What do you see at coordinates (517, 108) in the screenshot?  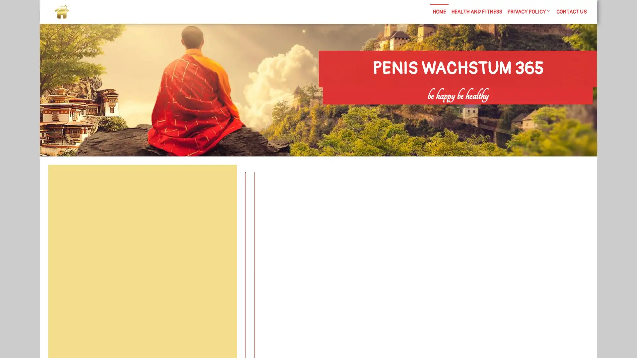 I see `Search` at bounding box center [517, 108].